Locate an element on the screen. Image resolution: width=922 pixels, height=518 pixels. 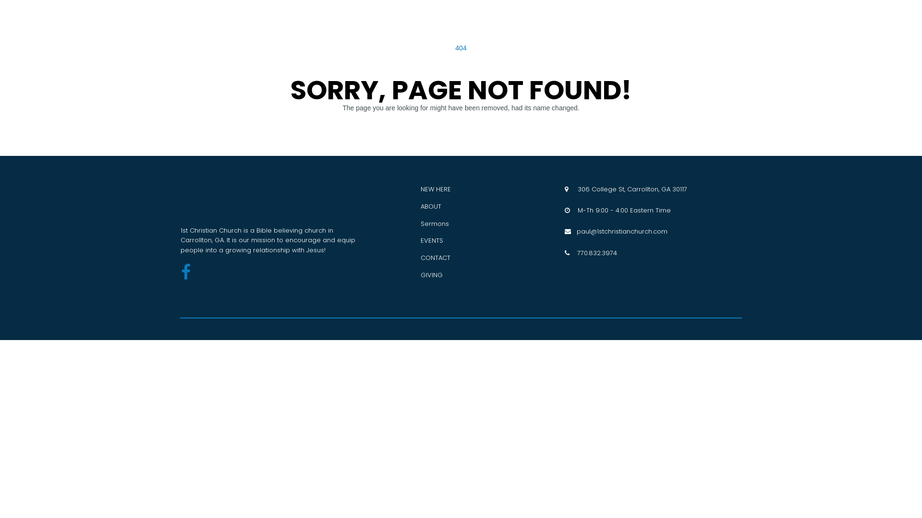
'ABOUT' is located at coordinates (430, 206).